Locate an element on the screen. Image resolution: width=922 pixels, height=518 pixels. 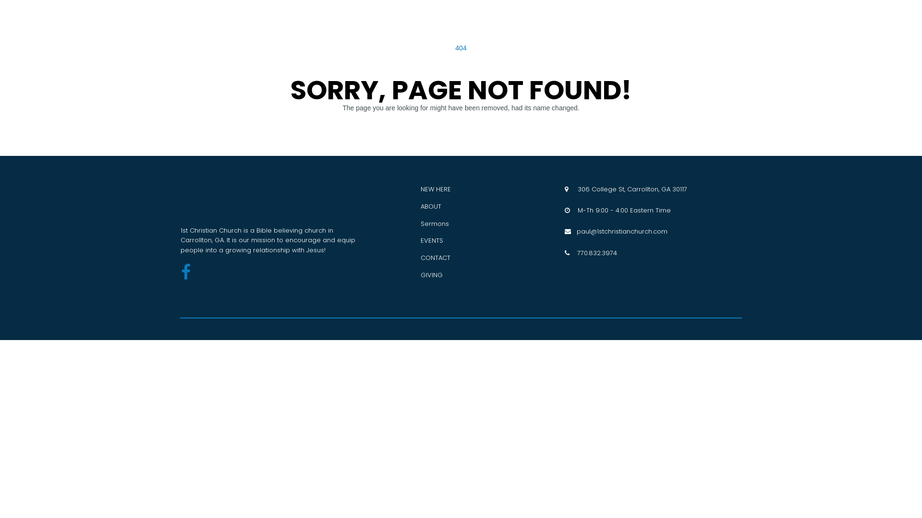
'ABOUT' is located at coordinates (430, 206).